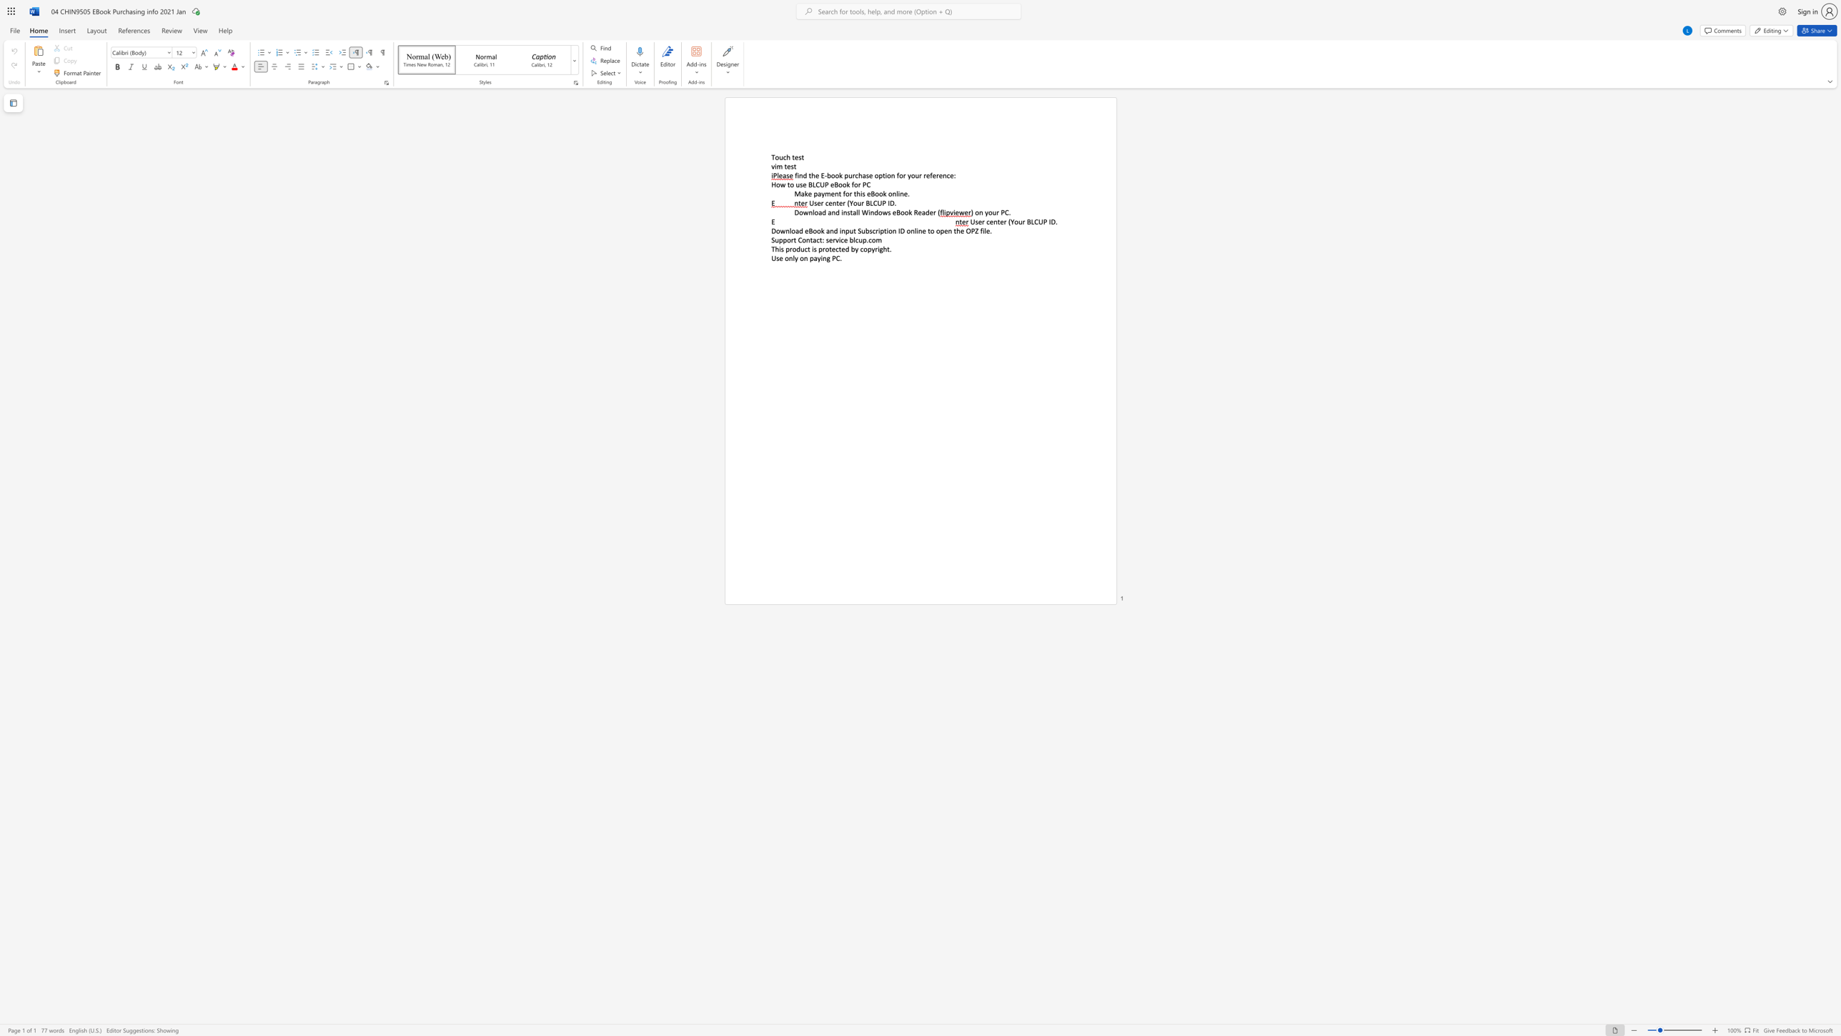 The height and width of the screenshot is (1036, 1841). Describe the element at coordinates (848, 175) in the screenshot. I see `the subset text "ur" within the text "find the E-book purchase"` at that location.